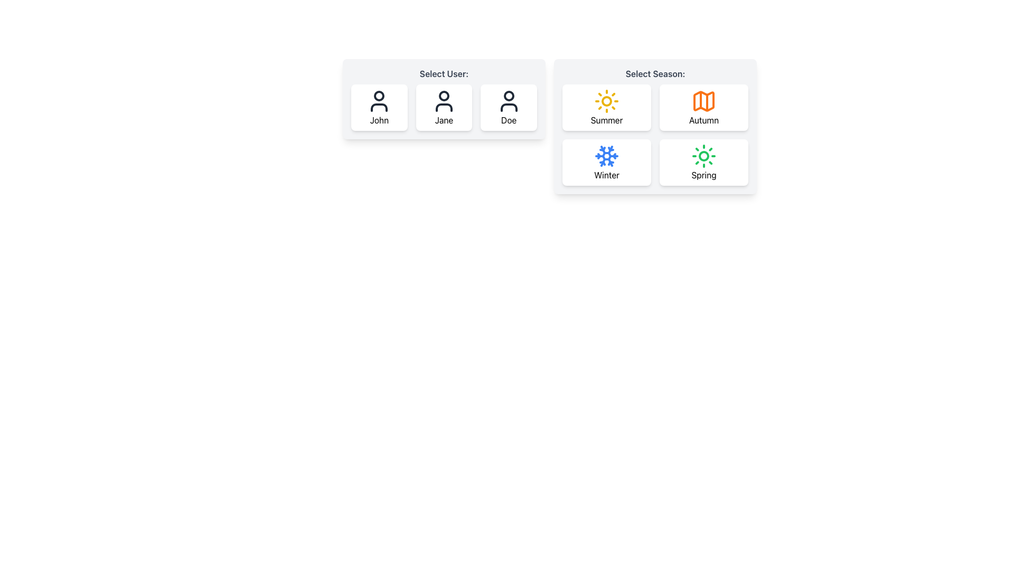 Image resolution: width=1014 pixels, height=570 pixels. Describe the element at coordinates (509, 119) in the screenshot. I see `text label indicating the name 'Doe' located below the user profile icon in the user selection card` at that location.